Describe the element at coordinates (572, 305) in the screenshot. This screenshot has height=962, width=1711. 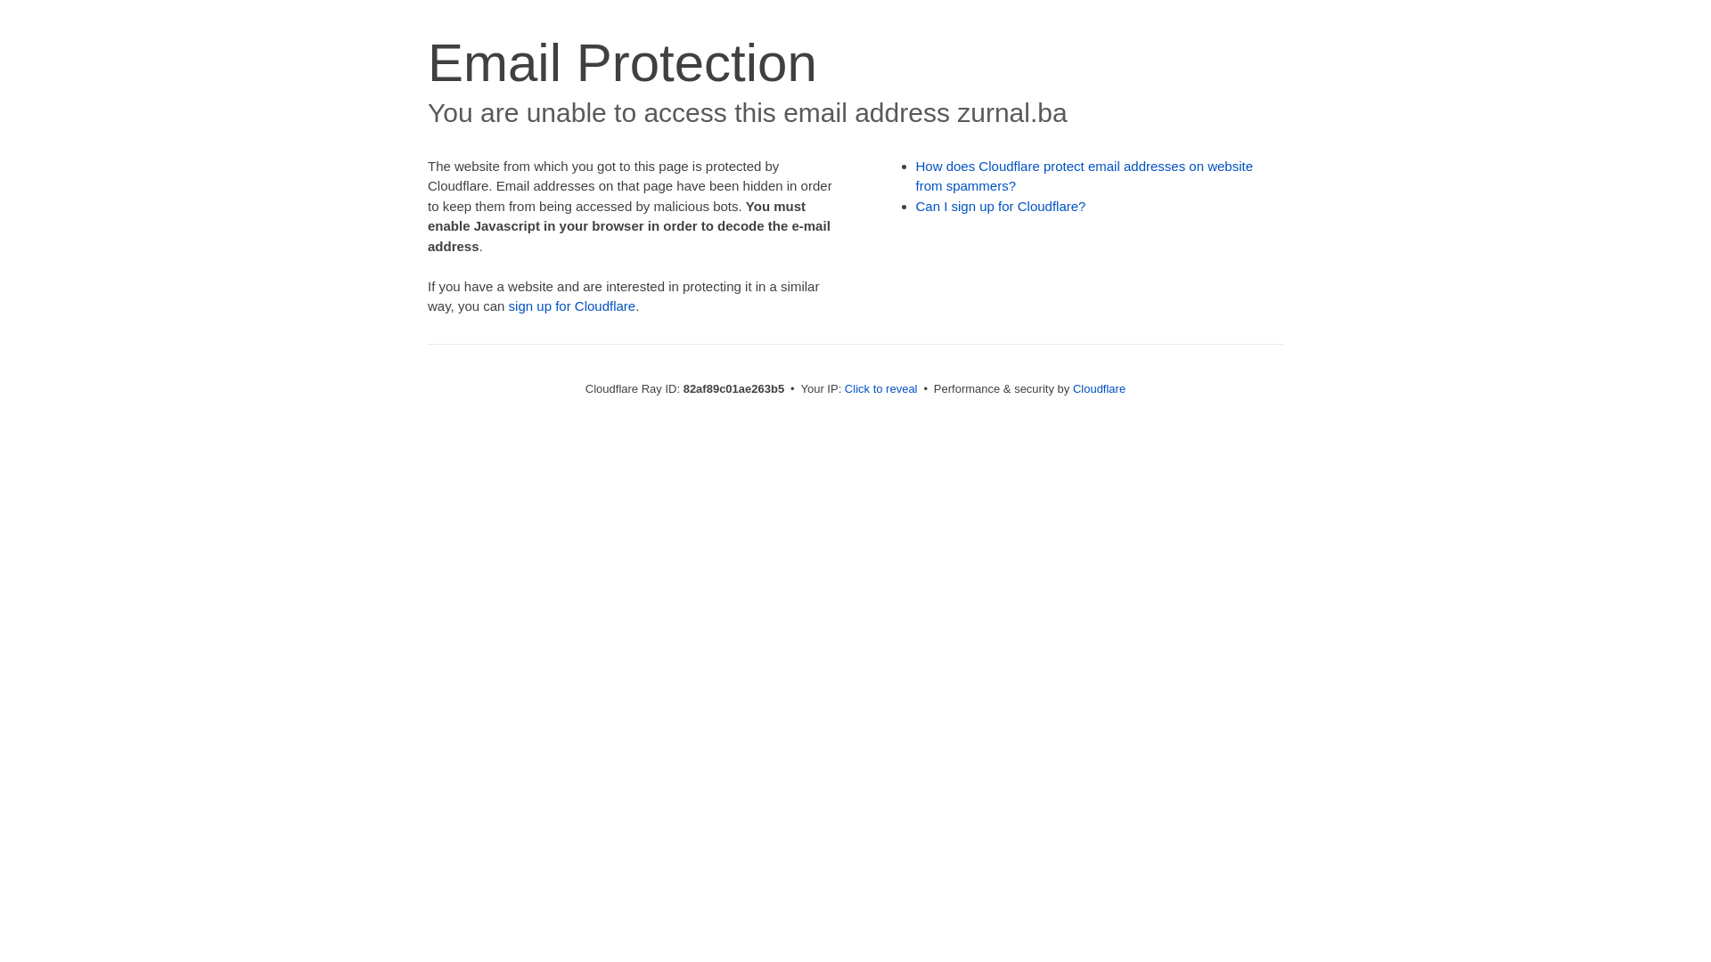
I see `'sign up for Cloudflare'` at that location.